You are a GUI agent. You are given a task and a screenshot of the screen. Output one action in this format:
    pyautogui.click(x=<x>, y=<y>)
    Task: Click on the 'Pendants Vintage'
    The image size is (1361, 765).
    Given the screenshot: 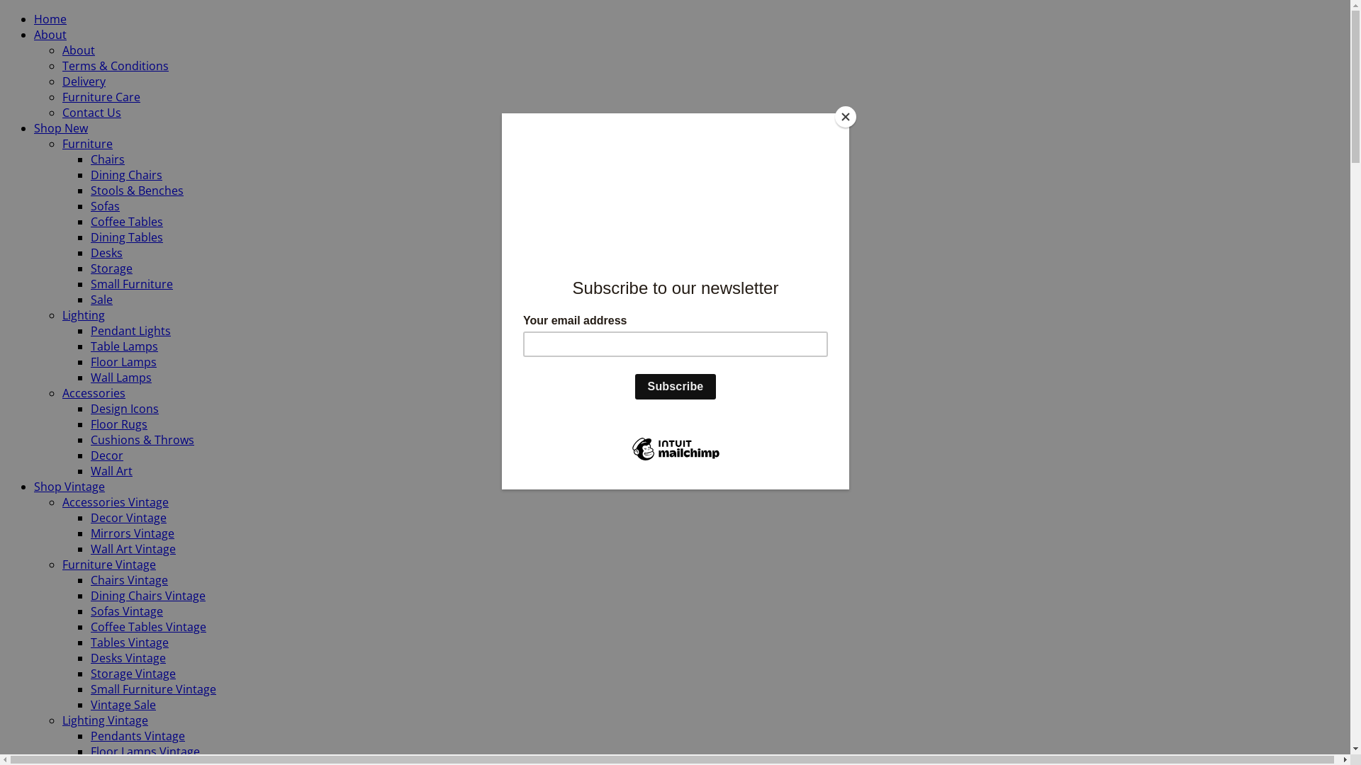 What is the action you would take?
    pyautogui.click(x=90, y=735)
    